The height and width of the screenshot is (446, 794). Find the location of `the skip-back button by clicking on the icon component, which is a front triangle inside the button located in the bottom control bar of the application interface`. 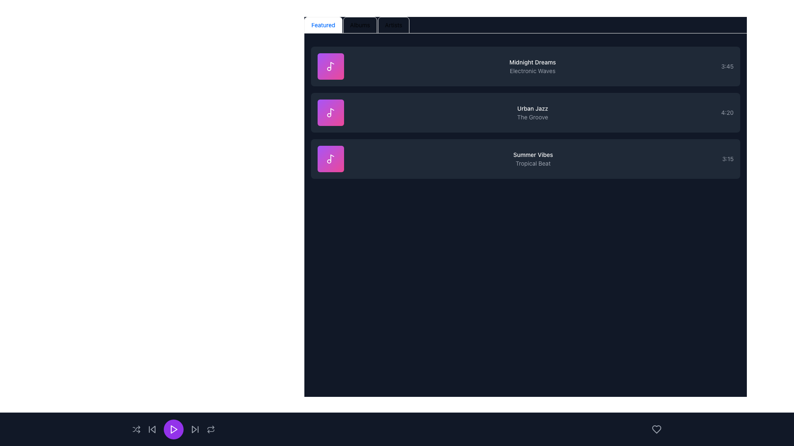

the skip-back button by clicking on the icon component, which is a front triangle inside the button located in the bottom control bar of the application interface is located at coordinates (153, 429).